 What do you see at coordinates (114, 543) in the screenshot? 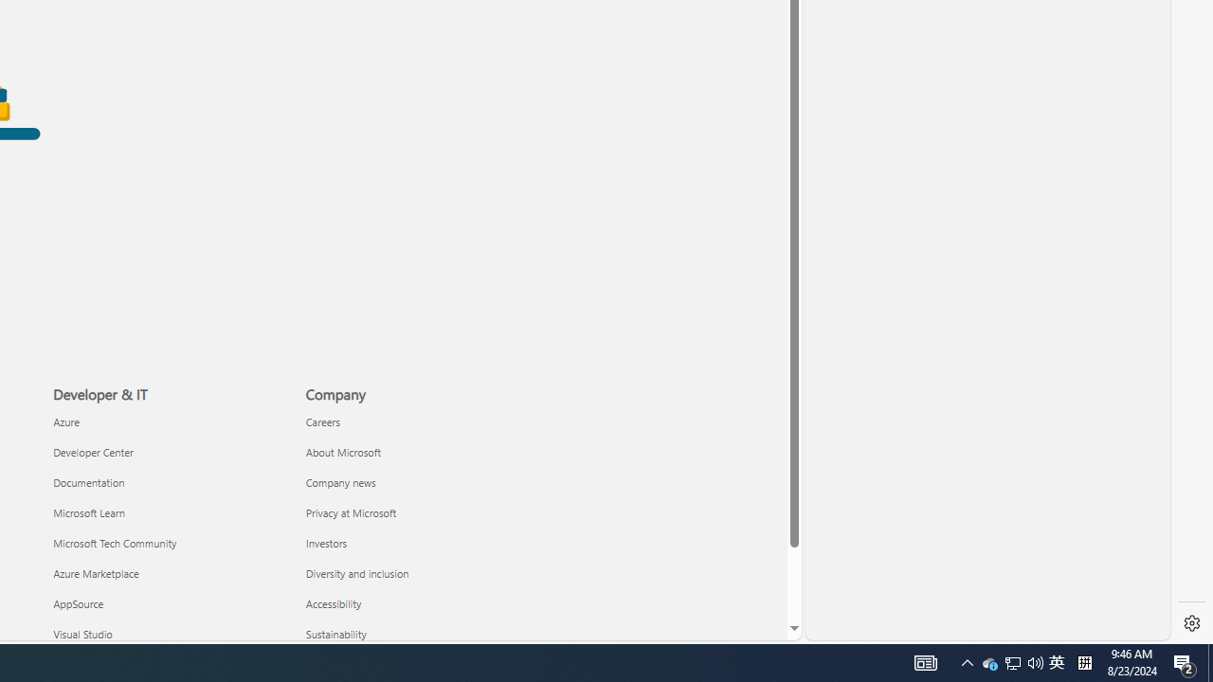
I see `'Microsoft Tech Community Developer & IT'` at bounding box center [114, 543].